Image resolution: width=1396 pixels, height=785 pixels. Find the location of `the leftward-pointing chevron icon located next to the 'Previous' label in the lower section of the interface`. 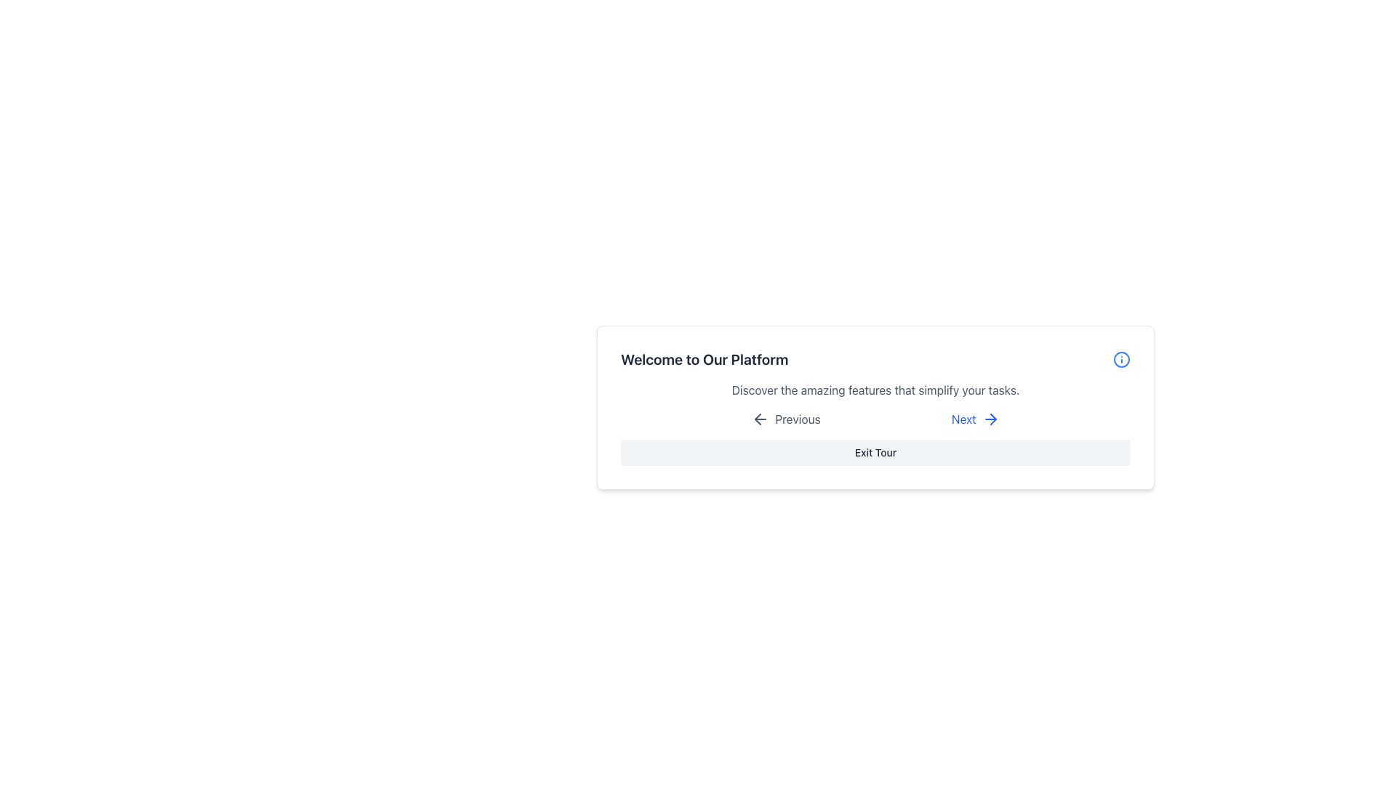

the leftward-pointing chevron icon located next to the 'Previous' label in the lower section of the interface is located at coordinates (757, 419).